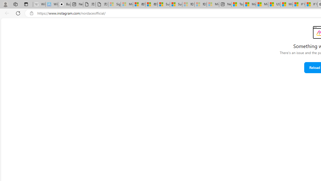 The image size is (321, 181). I want to click on 'Wikipedia - Sleeping', so click(39, 4).